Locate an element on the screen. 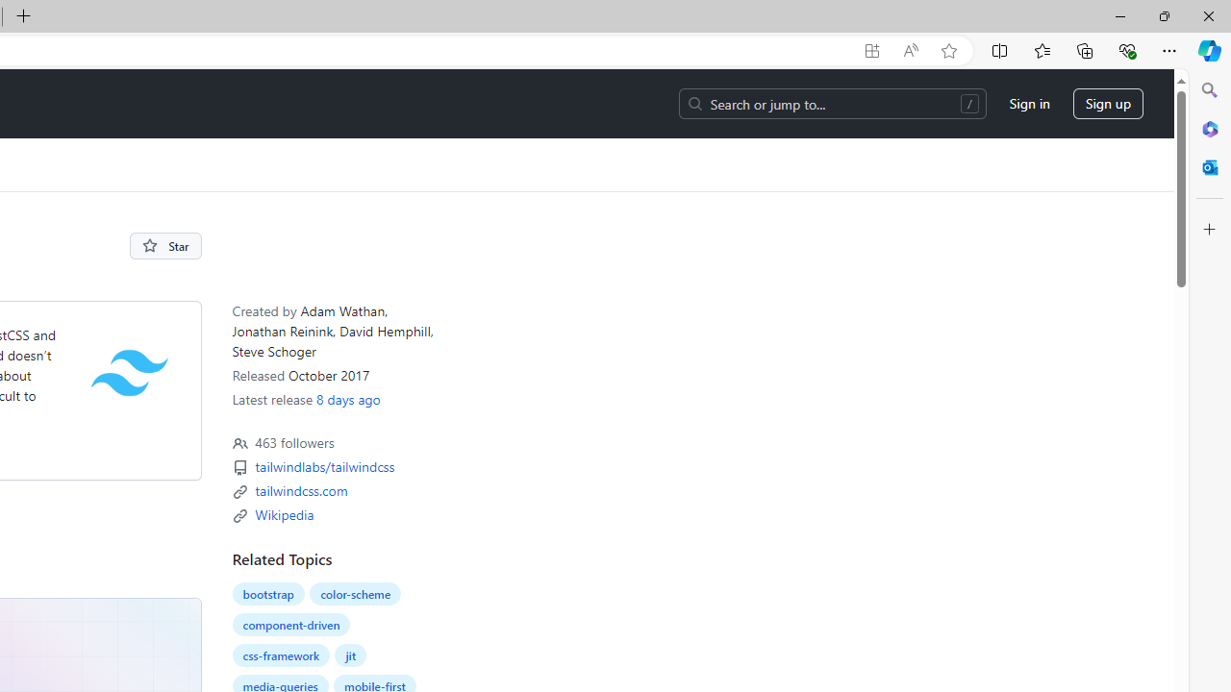  'App available. Install GitHub' is located at coordinates (870, 50).